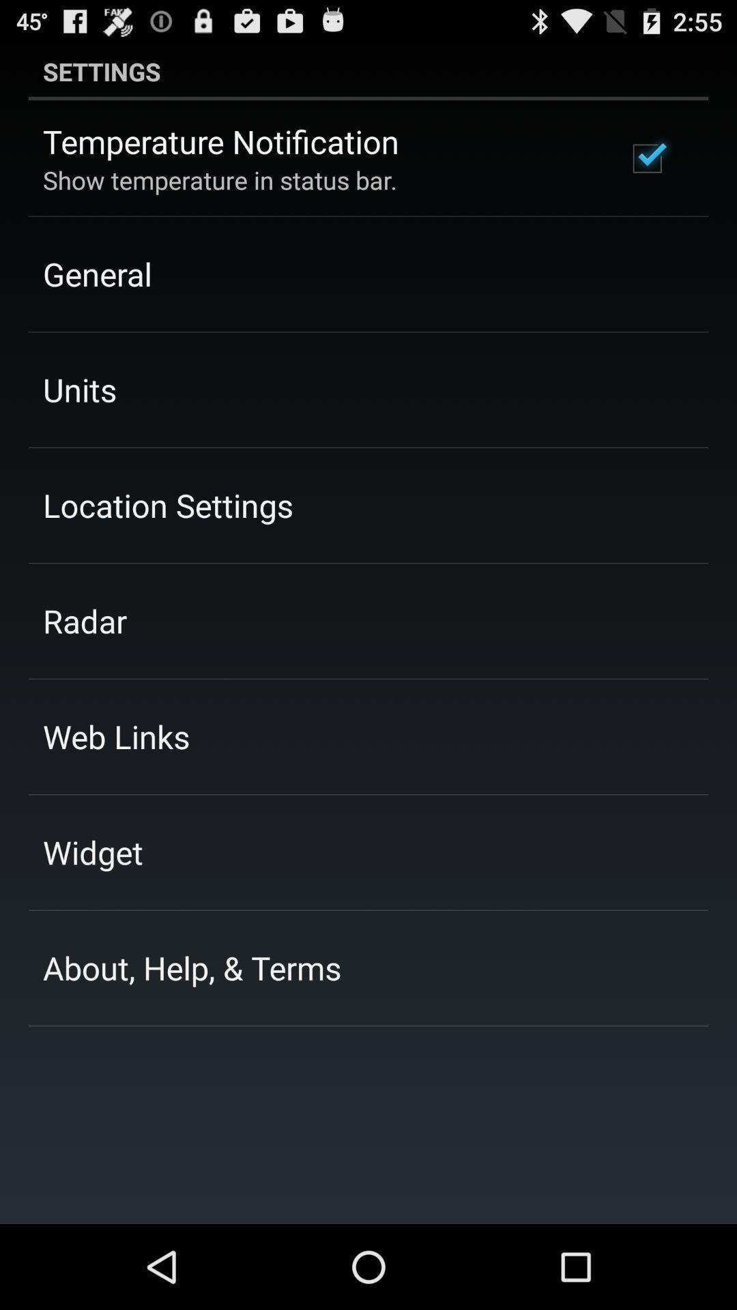 The height and width of the screenshot is (1310, 737). What do you see at coordinates (220, 141) in the screenshot?
I see `temperature notification icon` at bounding box center [220, 141].